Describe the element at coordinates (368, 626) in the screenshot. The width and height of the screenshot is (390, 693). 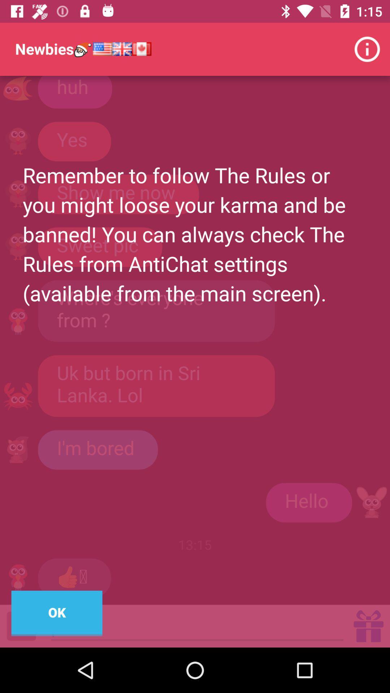
I see `the gift icon` at that location.